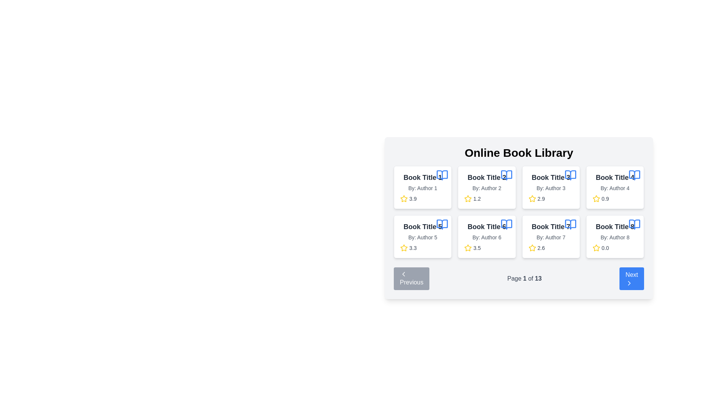  What do you see at coordinates (532, 198) in the screenshot?
I see `the visual rating indicator icon located in the third card of the grid of books, specifically in the second row, first column, below the title and author information` at bounding box center [532, 198].